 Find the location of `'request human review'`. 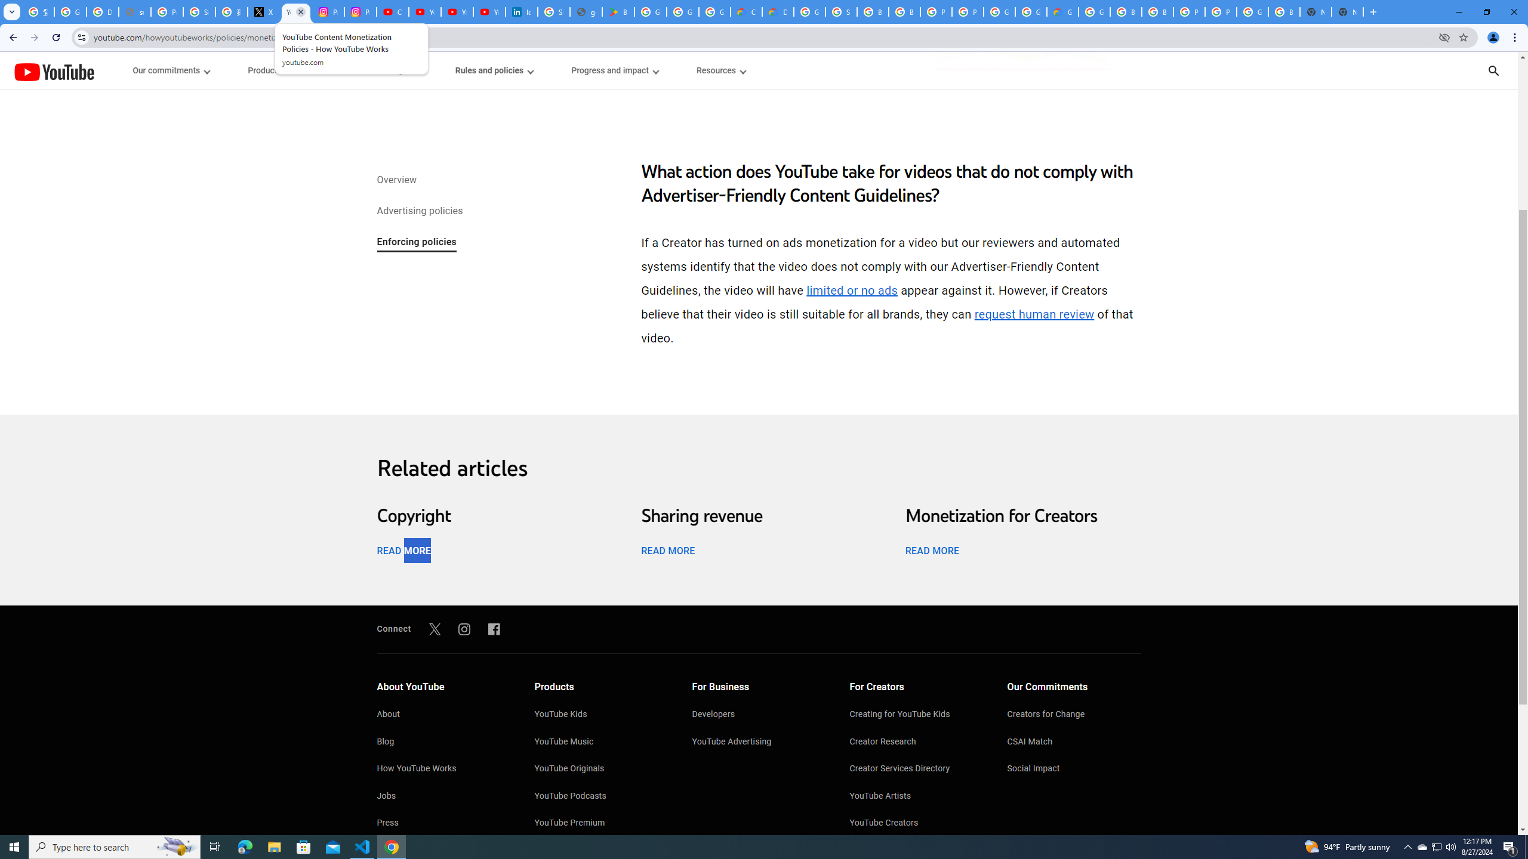

'request human review' is located at coordinates (1034, 314).